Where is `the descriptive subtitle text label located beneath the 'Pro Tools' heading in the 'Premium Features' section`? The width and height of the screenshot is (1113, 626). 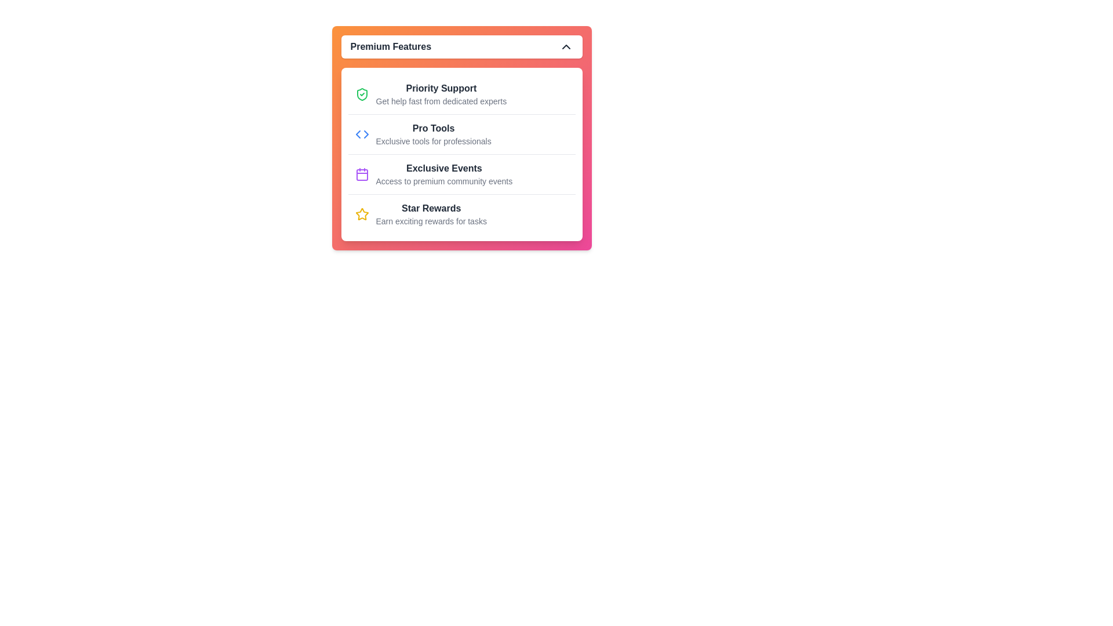
the descriptive subtitle text label located beneath the 'Pro Tools' heading in the 'Premium Features' section is located at coordinates (433, 140).